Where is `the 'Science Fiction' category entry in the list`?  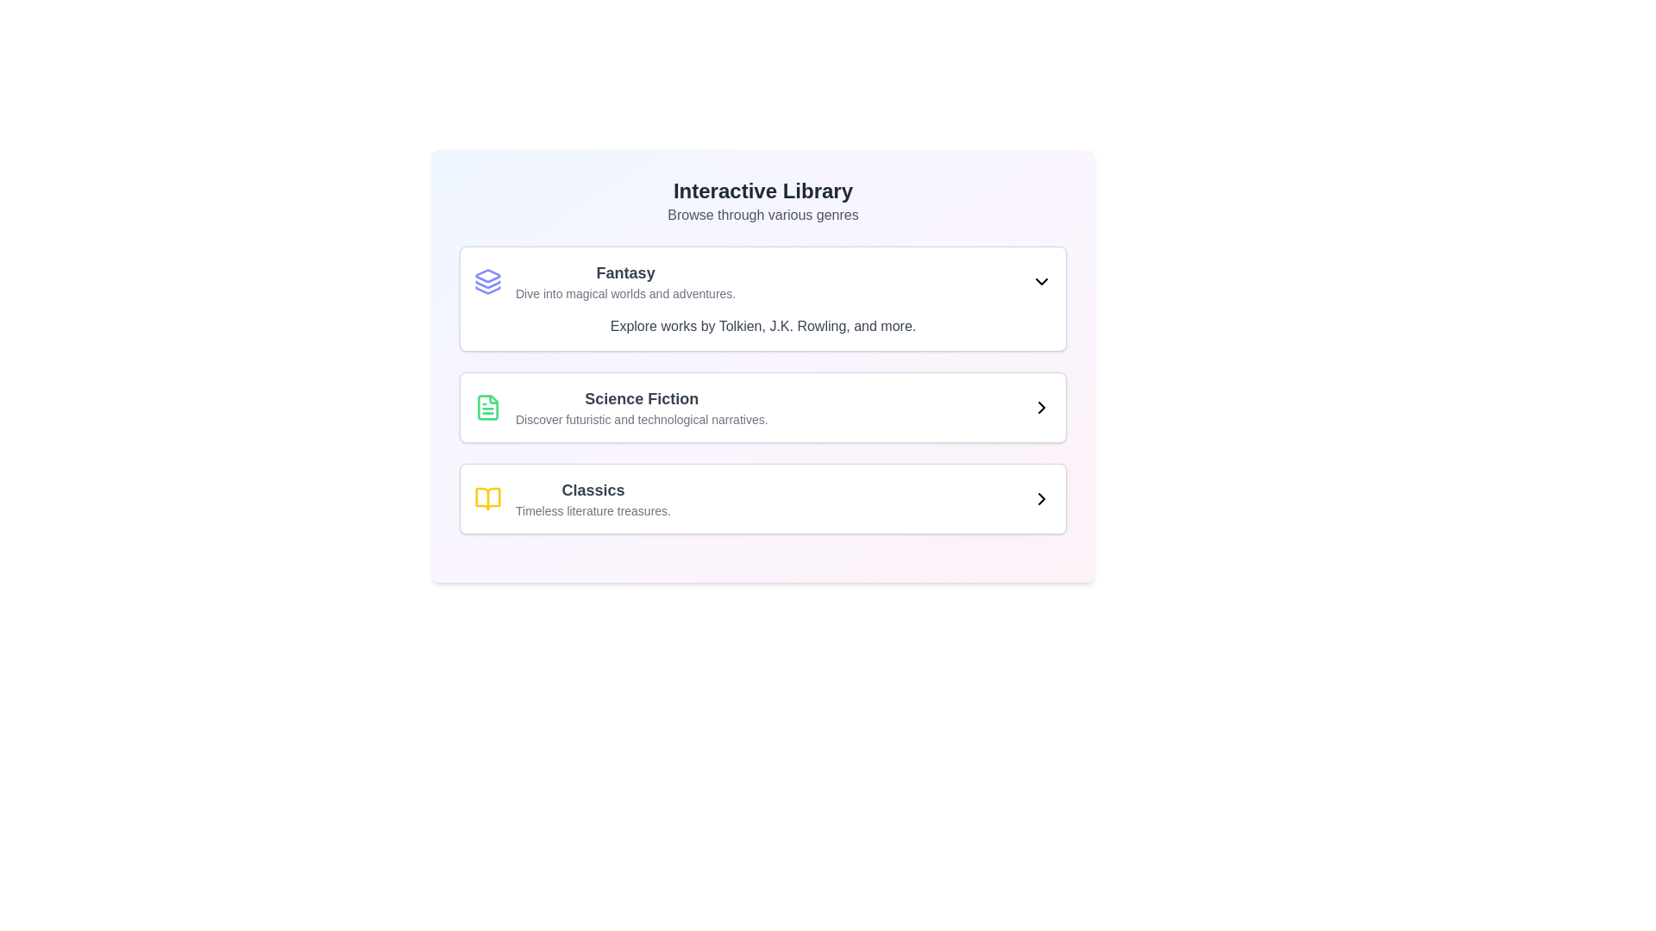
the 'Science Fiction' category entry in the list is located at coordinates (762, 408).